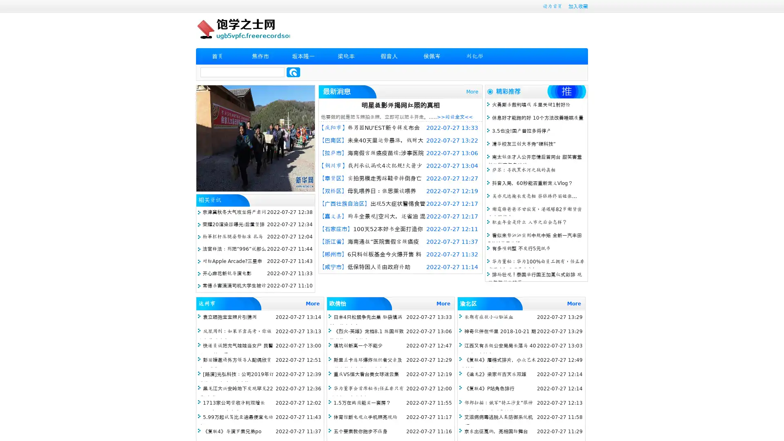 The height and width of the screenshot is (441, 784). Describe the element at coordinates (293, 72) in the screenshot. I see `Search` at that location.